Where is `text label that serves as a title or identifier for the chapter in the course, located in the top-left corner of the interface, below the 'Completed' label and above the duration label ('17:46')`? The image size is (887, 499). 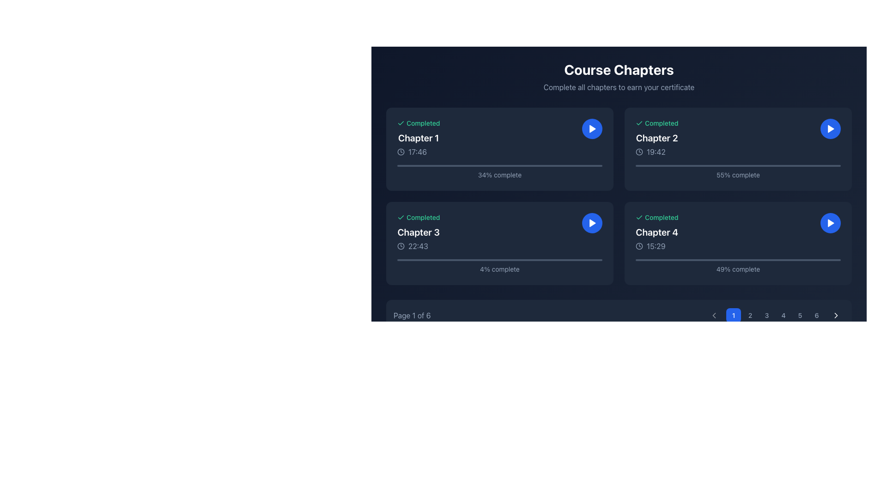
text label that serves as a title or identifier for the chapter in the course, located in the top-left corner of the interface, below the 'Completed' label and above the duration label ('17:46') is located at coordinates (418, 138).